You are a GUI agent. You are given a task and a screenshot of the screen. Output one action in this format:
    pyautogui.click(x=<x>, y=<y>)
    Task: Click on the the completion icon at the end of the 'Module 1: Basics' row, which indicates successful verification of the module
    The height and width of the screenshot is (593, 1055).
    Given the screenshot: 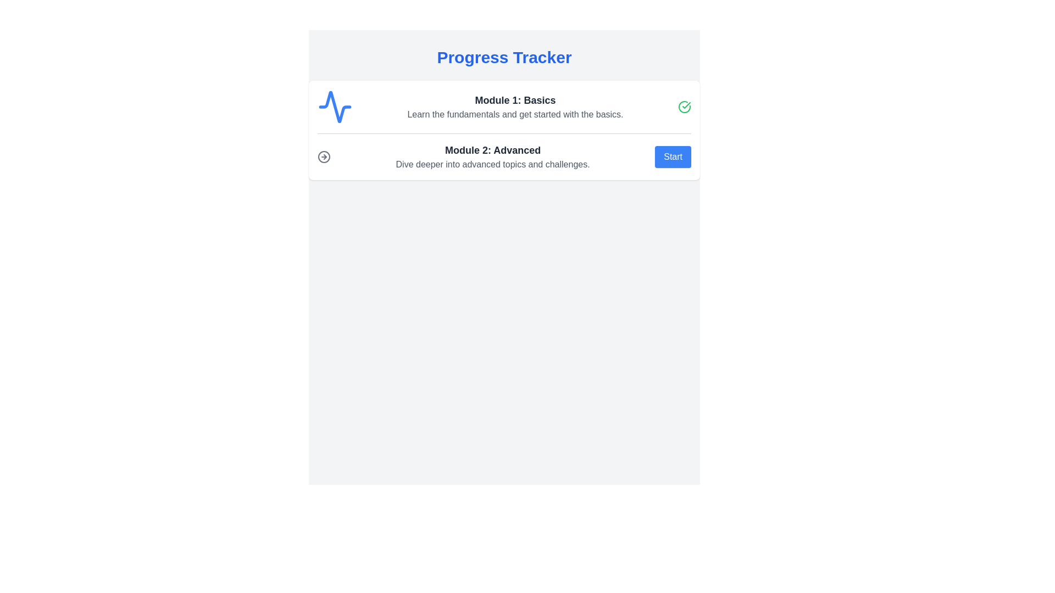 What is the action you would take?
    pyautogui.click(x=686, y=105)
    